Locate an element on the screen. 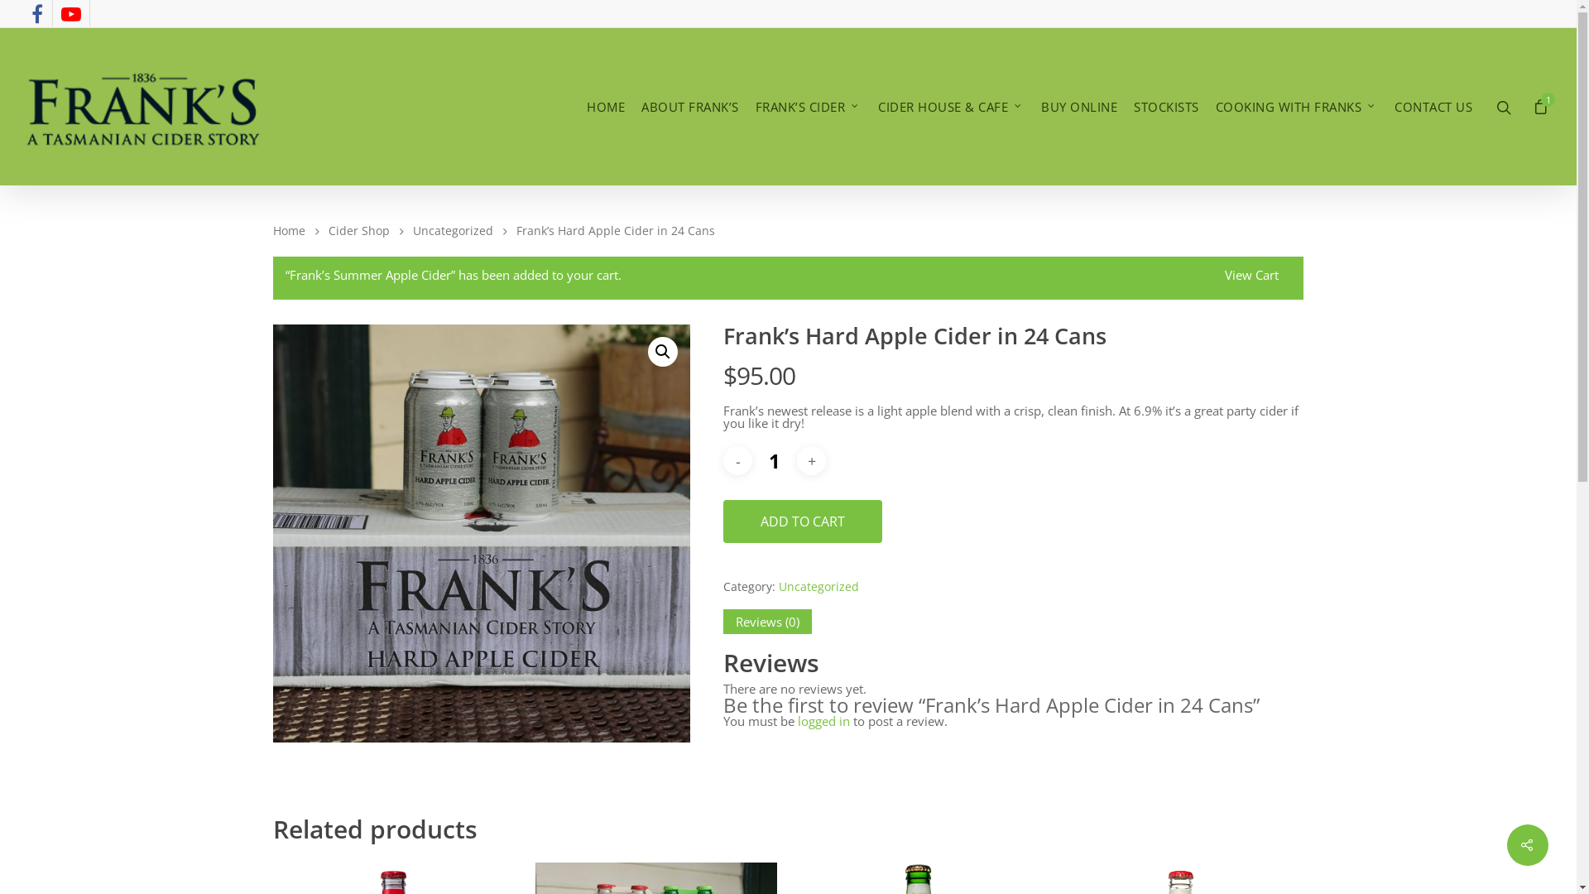 The width and height of the screenshot is (1589, 894). 'CIDER HOUSE & CAFE' is located at coordinates (951, 107).